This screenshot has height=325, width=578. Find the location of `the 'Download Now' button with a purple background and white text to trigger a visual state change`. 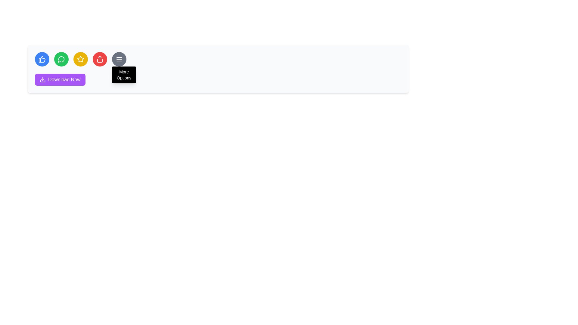

the 'Download Now' button with a purple background and white text to trigger a visual state change is located at coordinates (60, 79).